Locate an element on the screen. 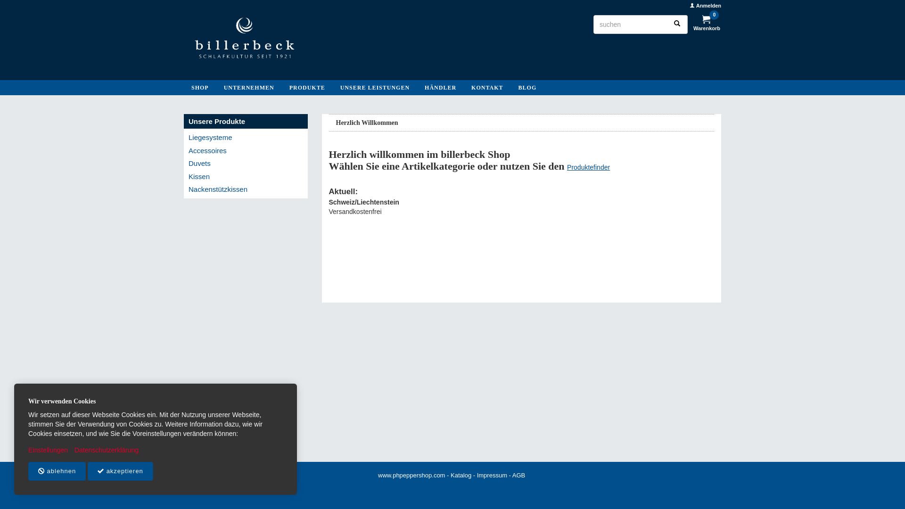  'SHOP' is located at coordinates (199, 87).